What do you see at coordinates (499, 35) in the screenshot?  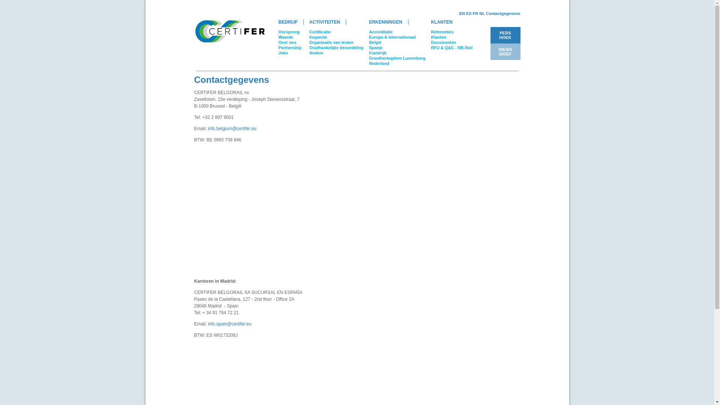 I see `'PERS` at bounding box center [499, 35].